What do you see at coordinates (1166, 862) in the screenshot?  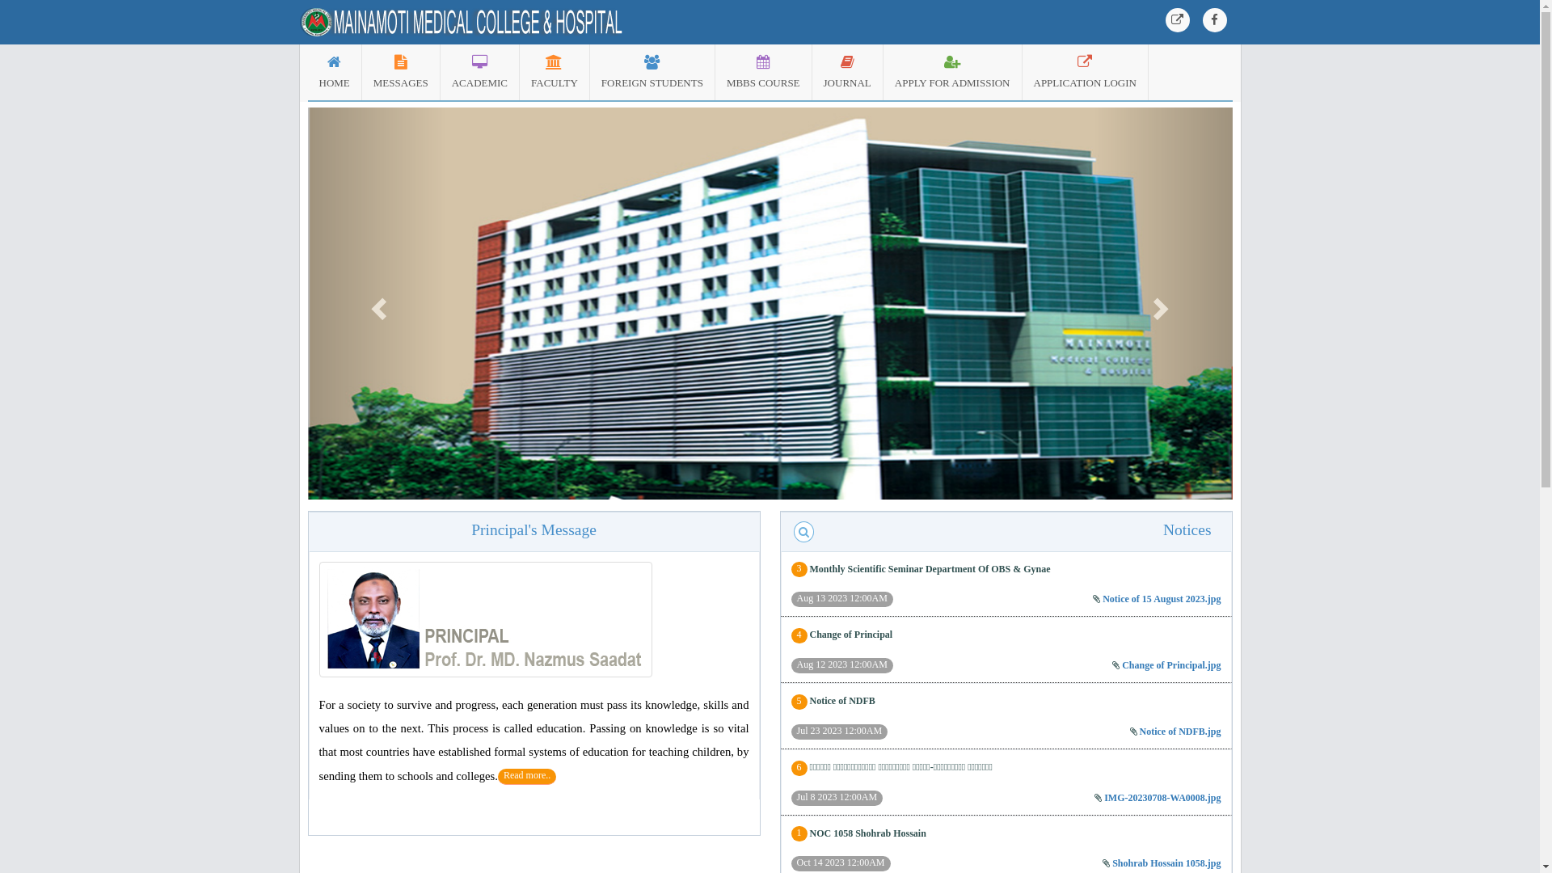 I see `'Shohrab Hossain 1058.jpg'` at bounding box center [1166, 862].